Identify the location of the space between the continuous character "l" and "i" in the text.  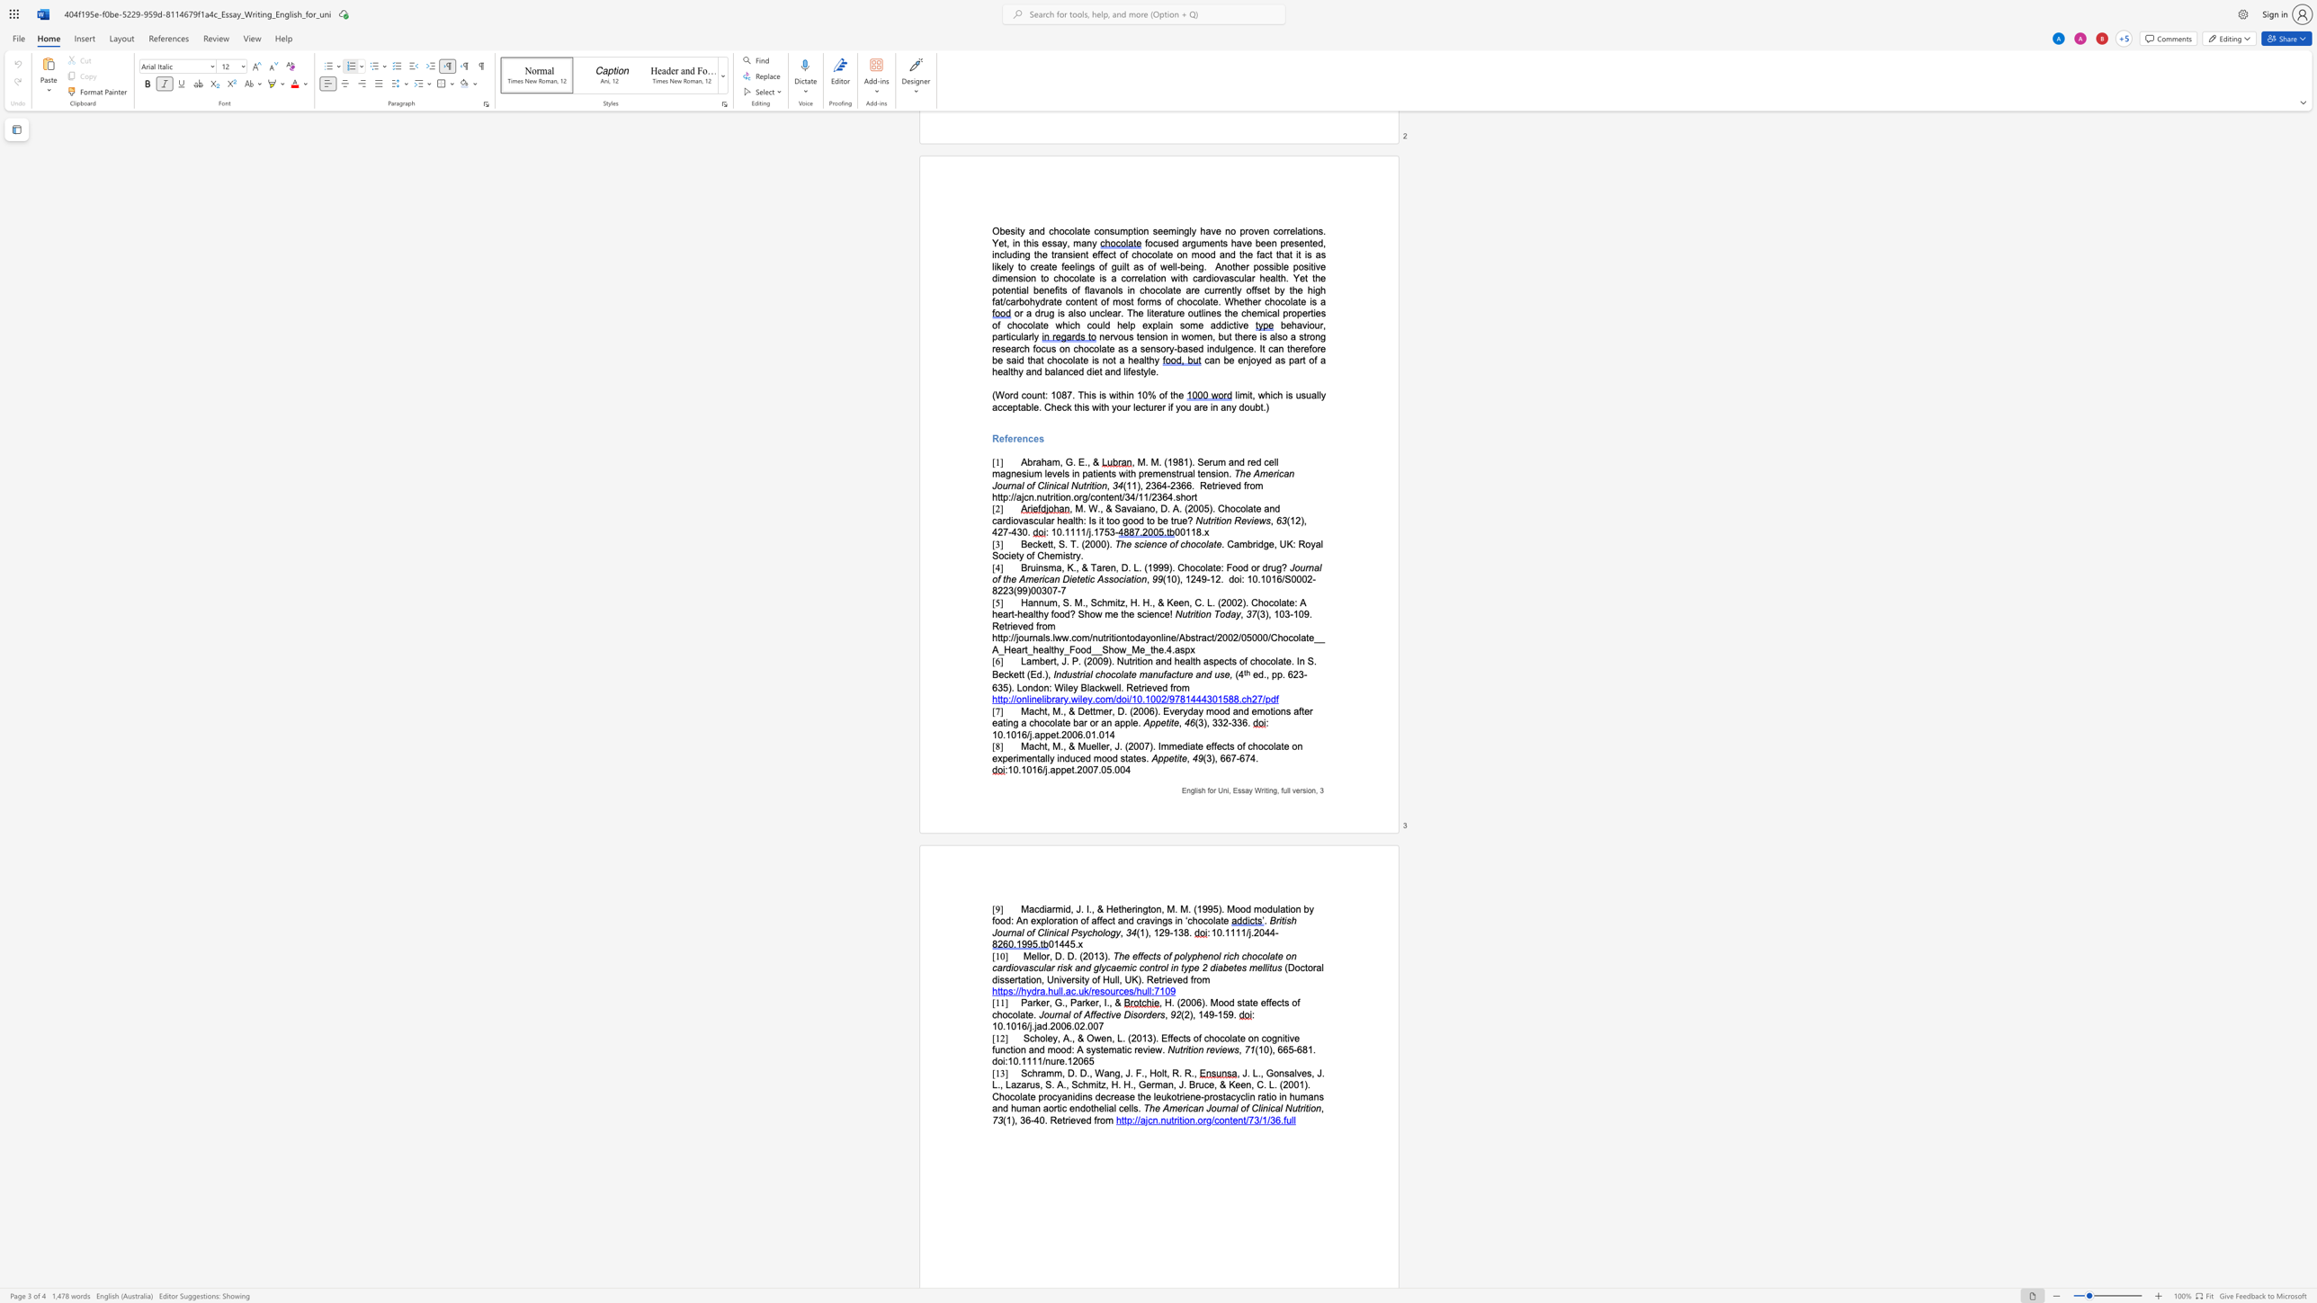
(1266, 968).